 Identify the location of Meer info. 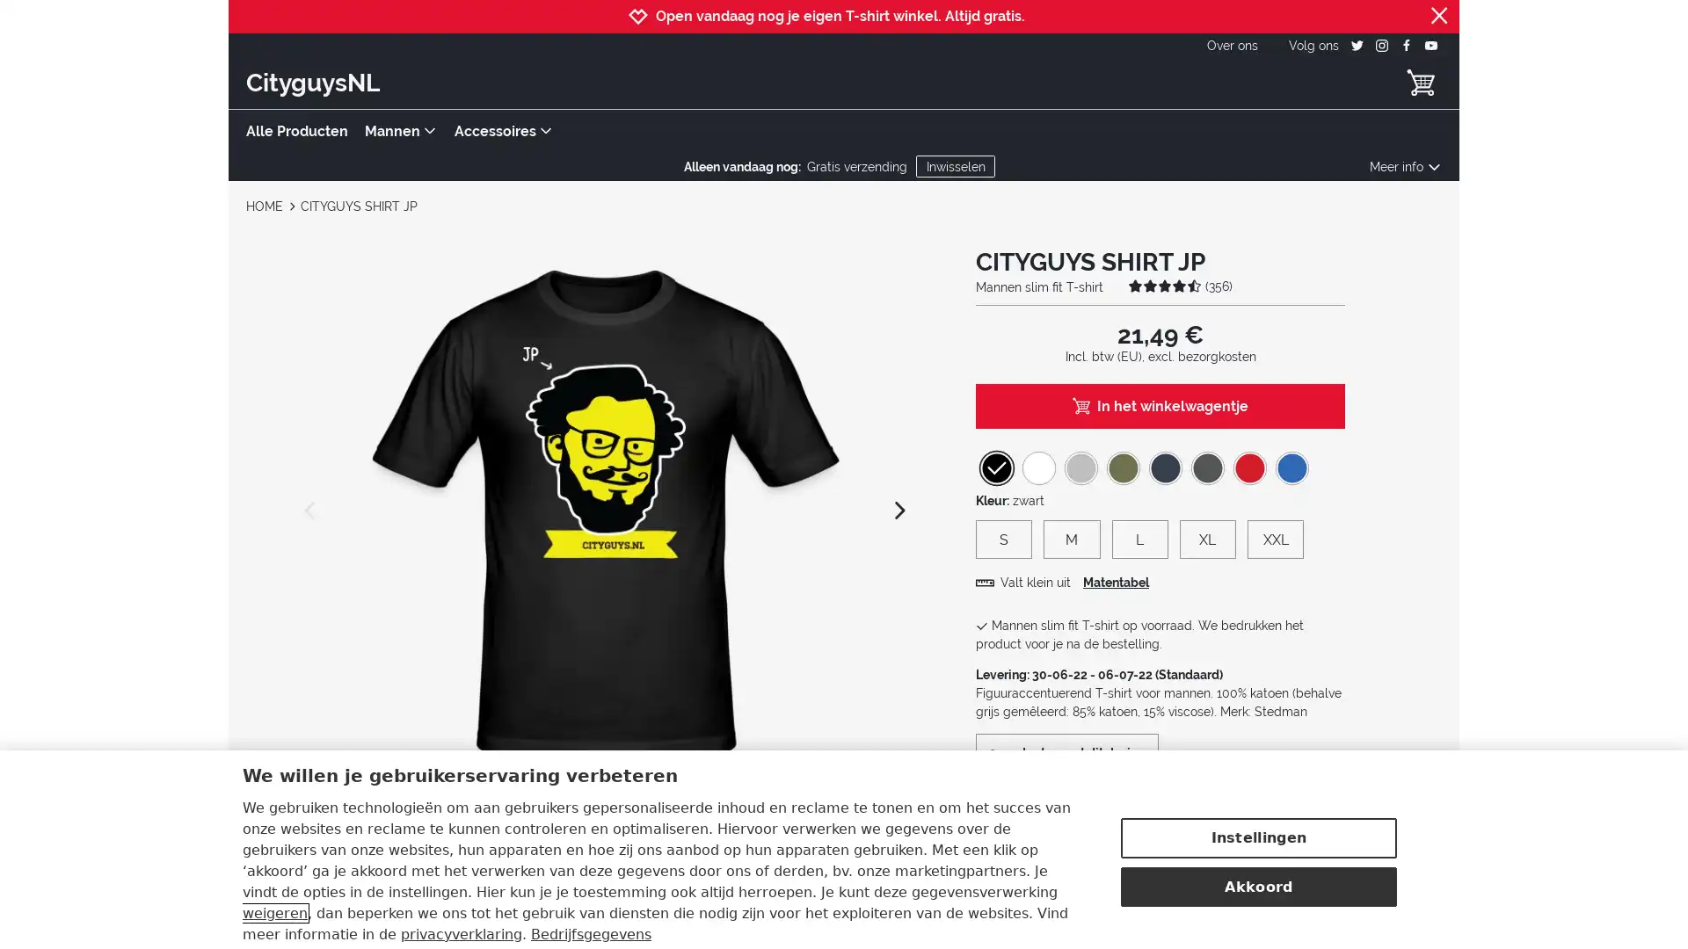
(1404, 166).